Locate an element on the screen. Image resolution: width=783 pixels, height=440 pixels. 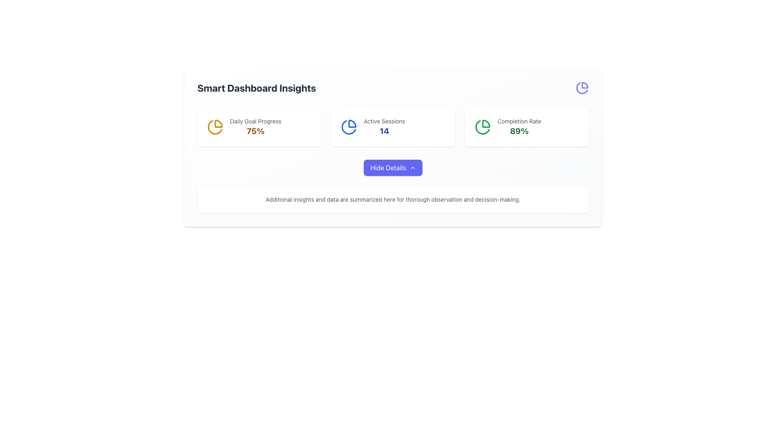
text 'Active Sessions' displayed in the static informational display showing the number of active sessions in the dashboard, located between the 'Daily Goal Progress' and 'Completion Rate' panels is located at coordinates (384, 127).